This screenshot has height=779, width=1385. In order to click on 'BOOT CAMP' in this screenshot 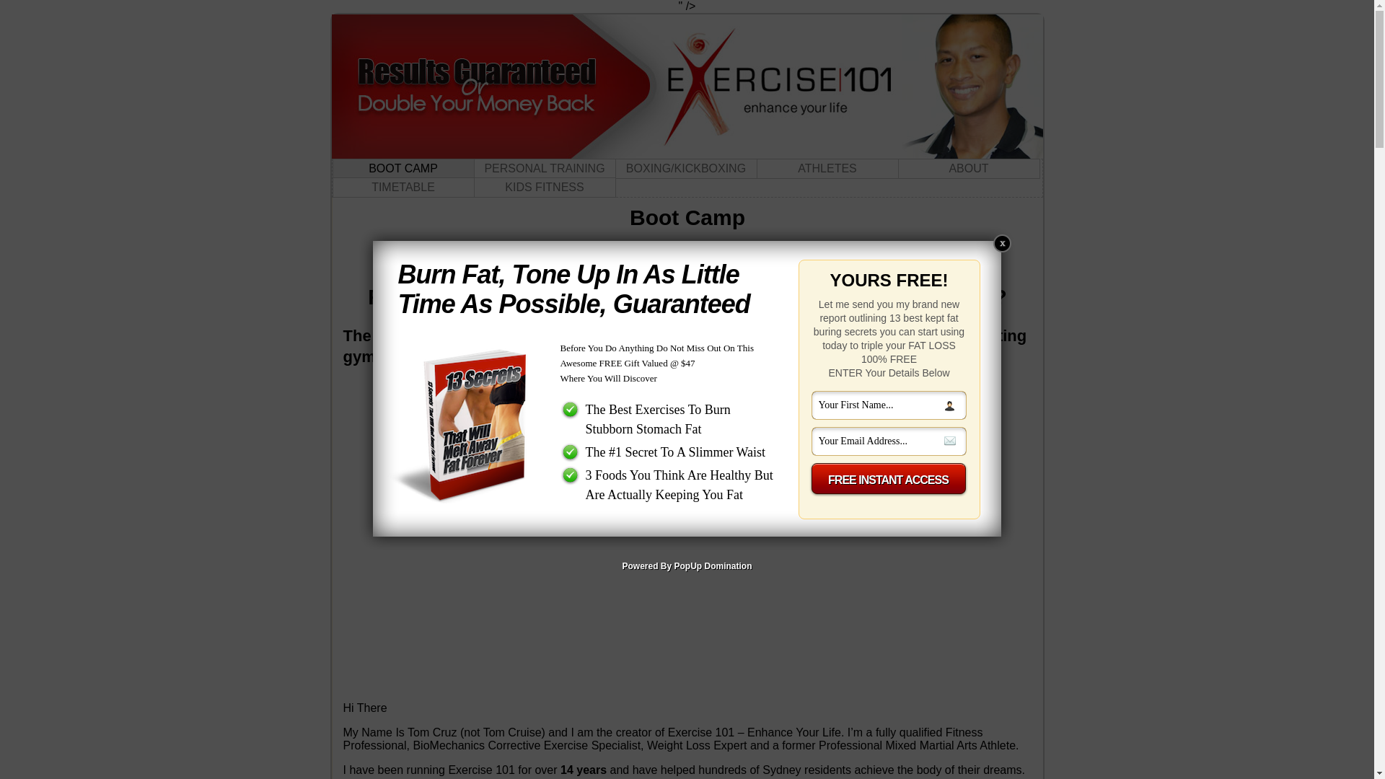, I will do `click(403, 168)`.